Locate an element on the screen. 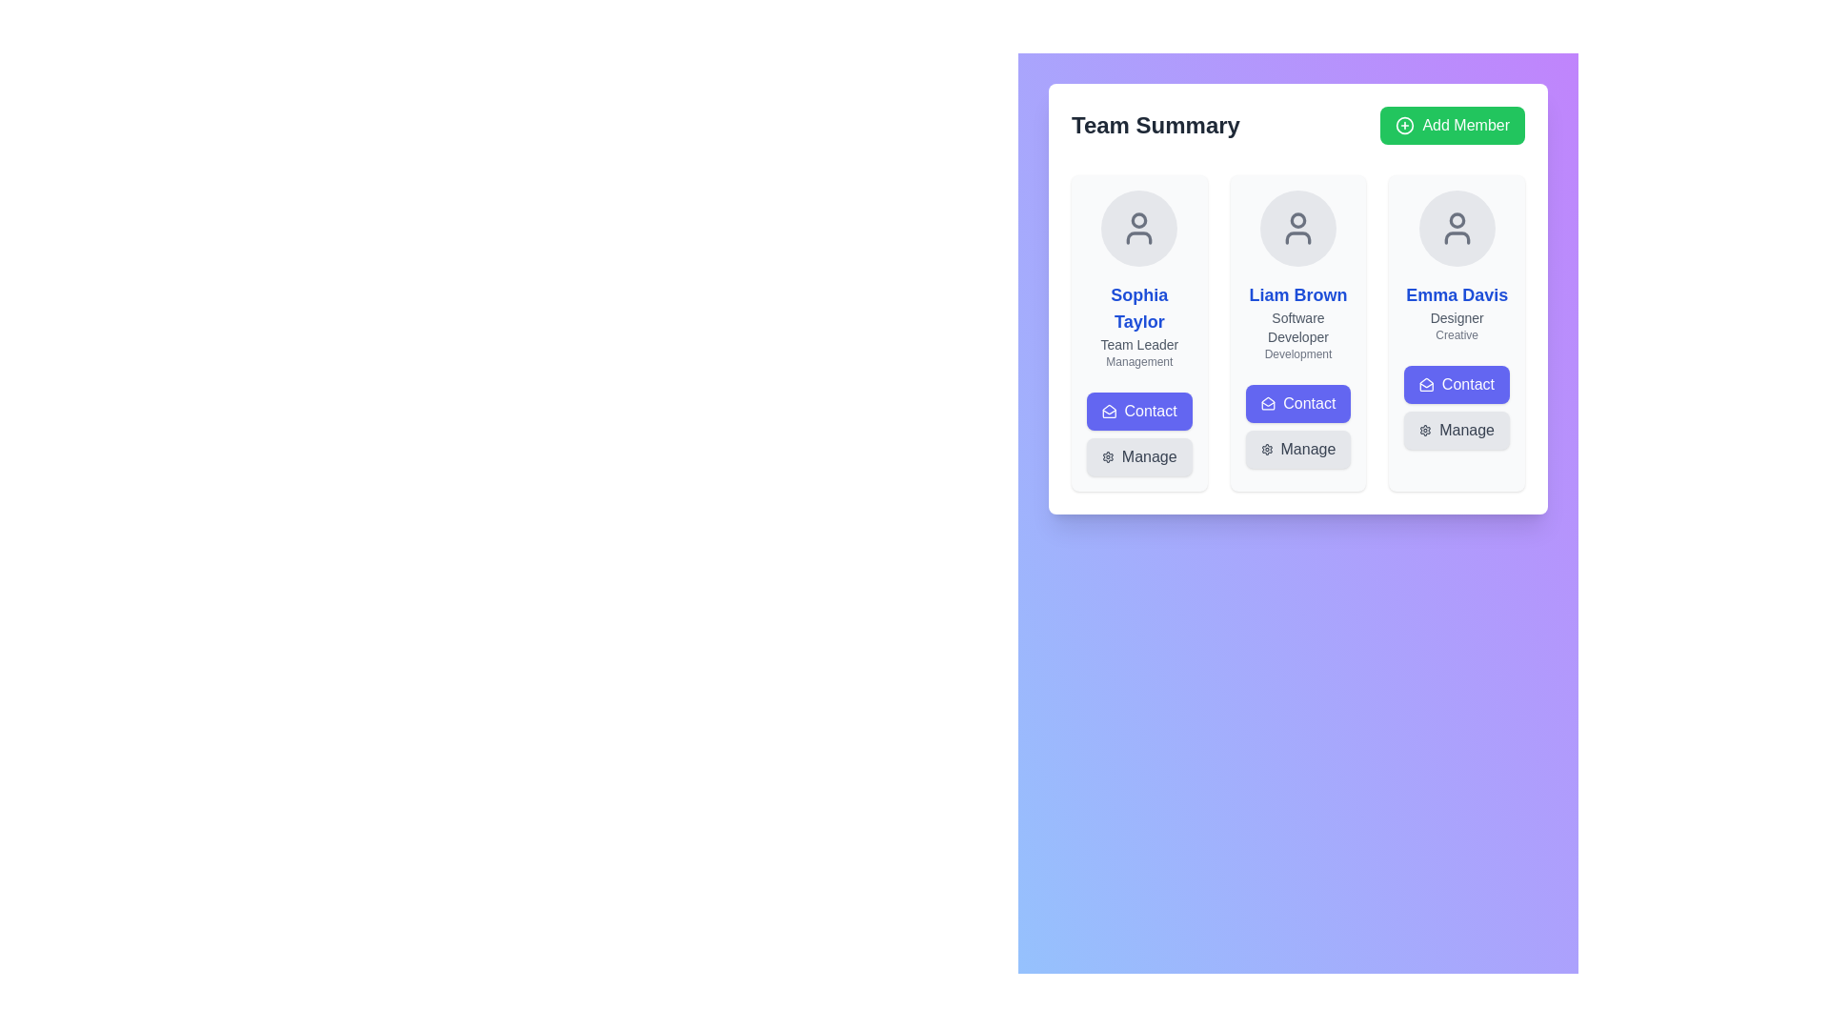 This screenshot has height=1029, width=1829. the circular graphical element representing the head of the user profile icon in the third card labeled 'Emma Davis' under 'Team Summary' is located at coordinates (1456, 219).